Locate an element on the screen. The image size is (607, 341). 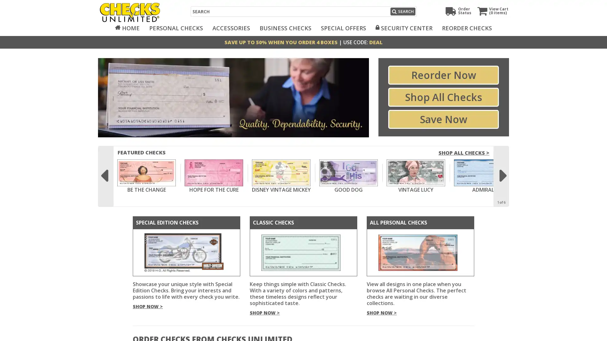
Previous is located at coordinates (104, 172).